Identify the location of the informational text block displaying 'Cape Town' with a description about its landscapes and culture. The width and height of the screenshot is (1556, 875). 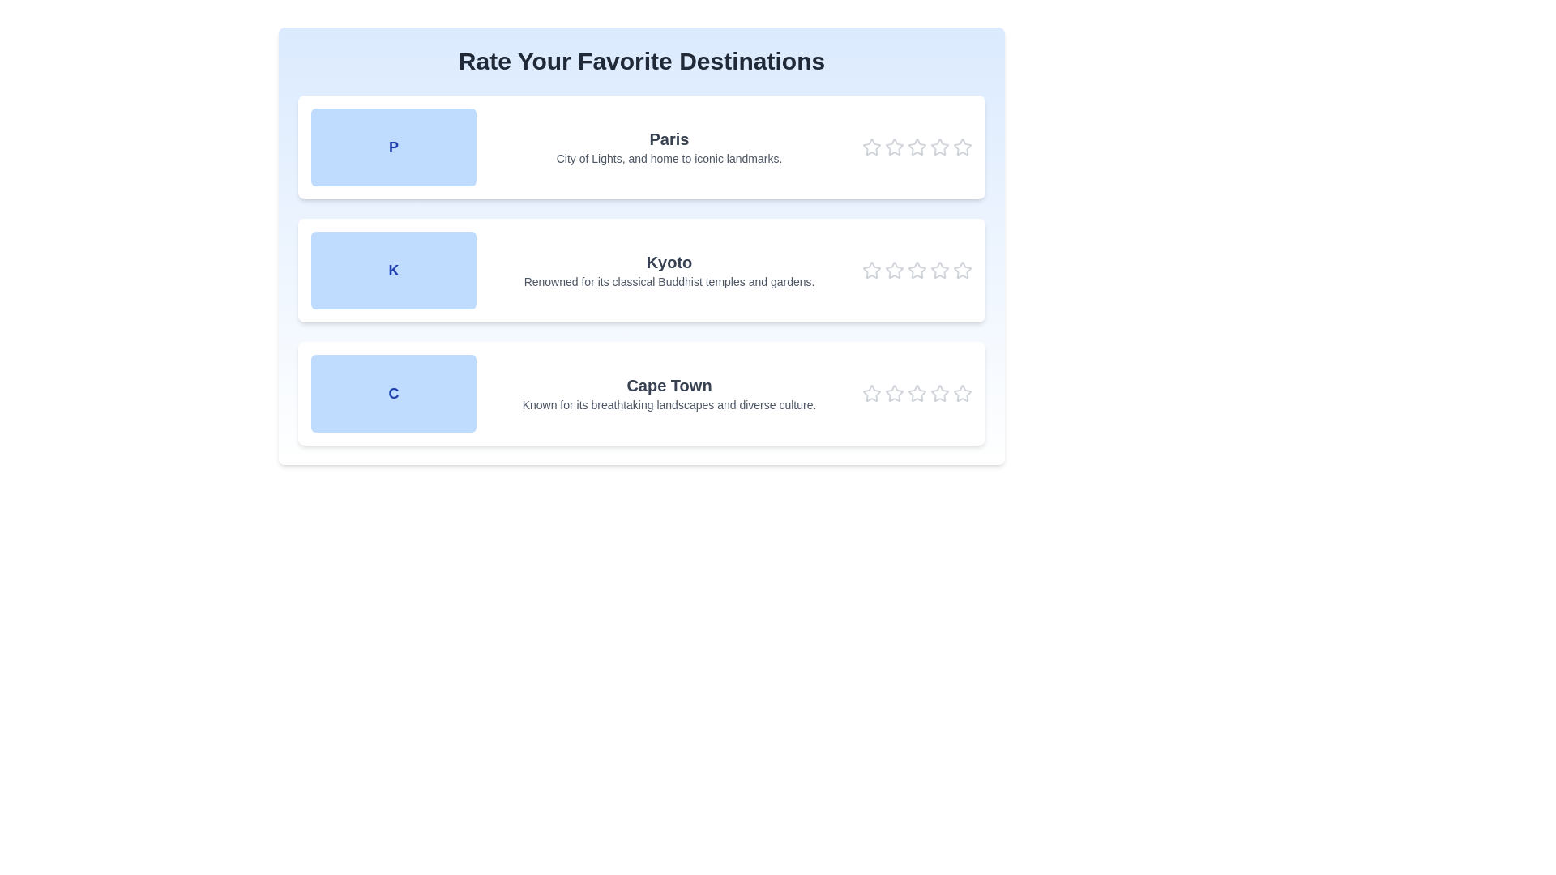
(669, 394).